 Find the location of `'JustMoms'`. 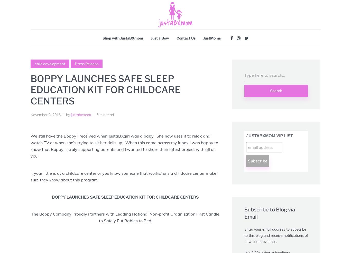

'JustMoms' is located at coordinates (203, 38).